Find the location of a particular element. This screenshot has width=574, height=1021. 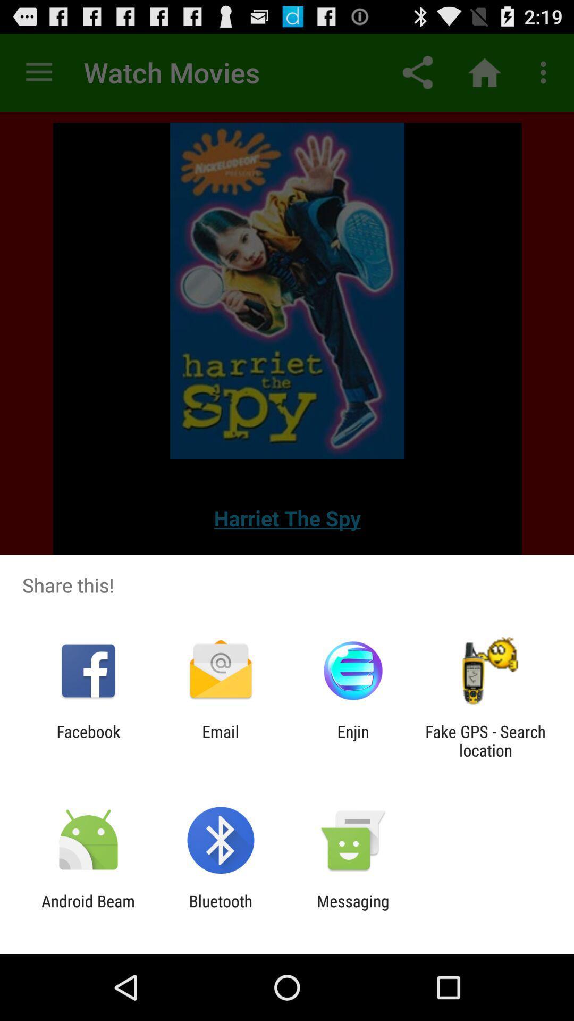

icon to the left of the email icon is located at coordinates (88, 740).